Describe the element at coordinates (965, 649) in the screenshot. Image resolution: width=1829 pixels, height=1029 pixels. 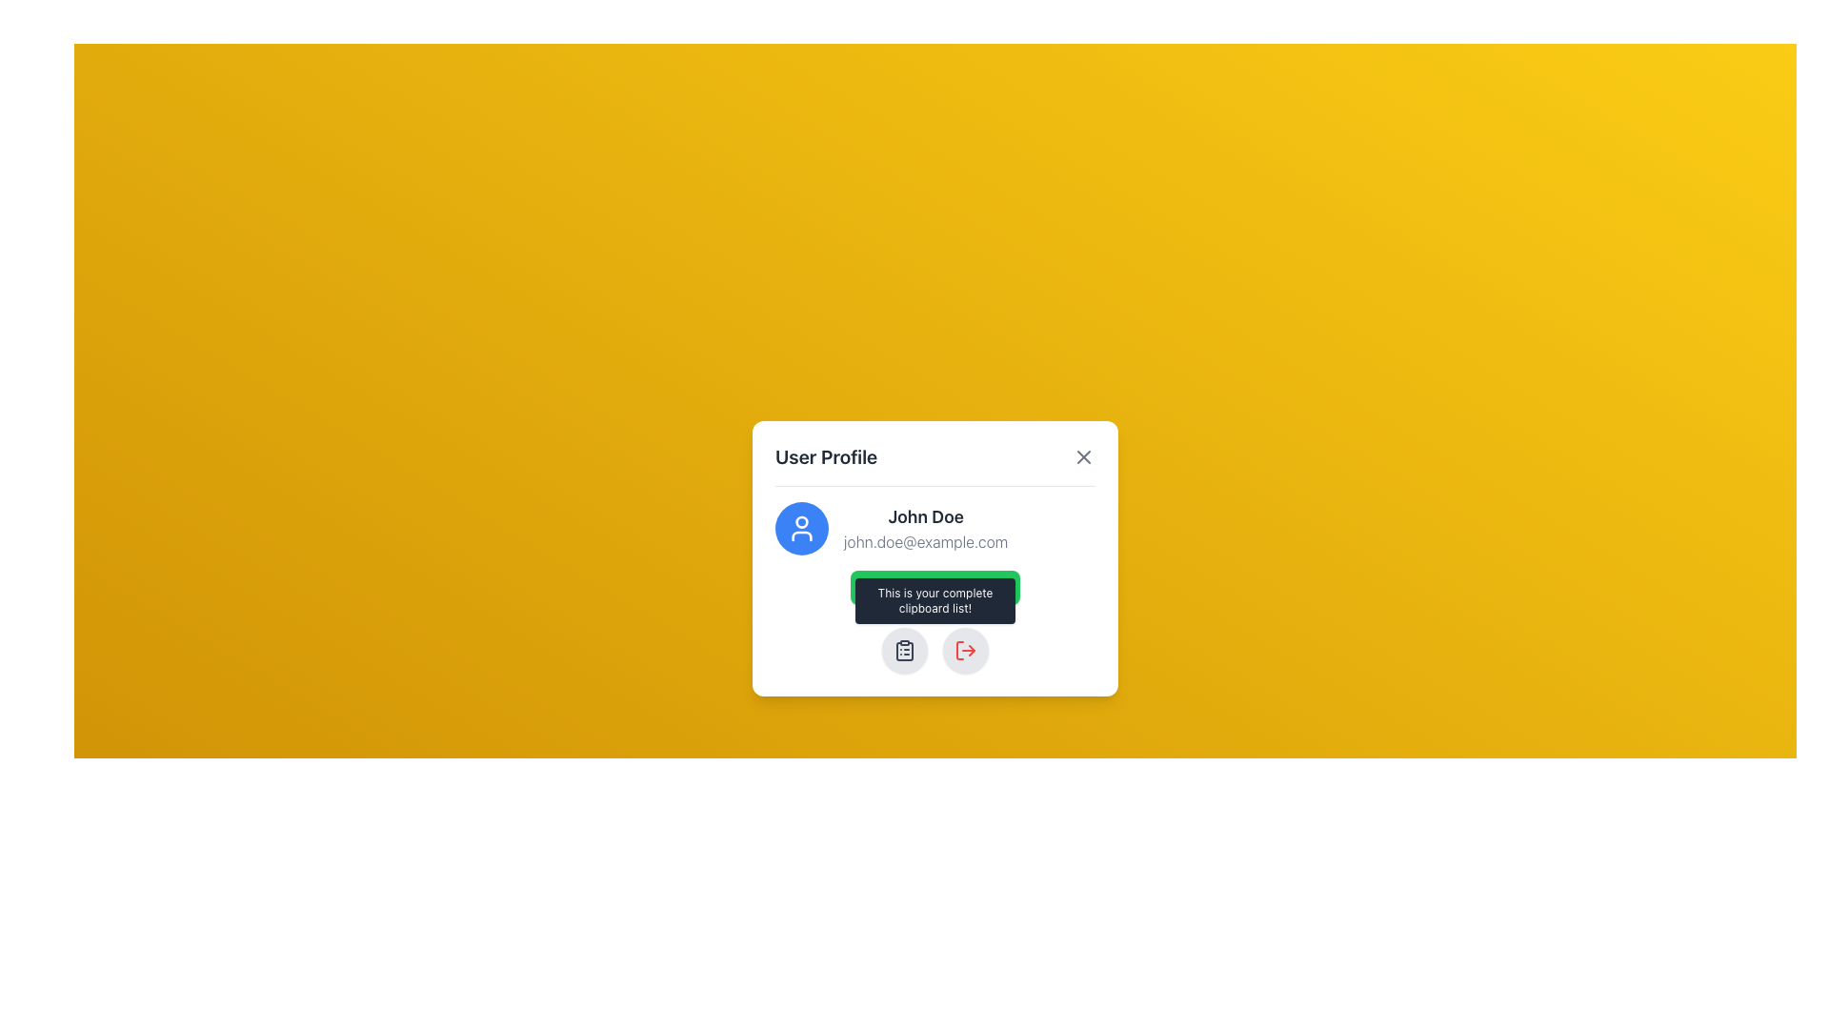
I see `the red arrow icon button located at the bottom-right corner of the modal dialog` at that location.